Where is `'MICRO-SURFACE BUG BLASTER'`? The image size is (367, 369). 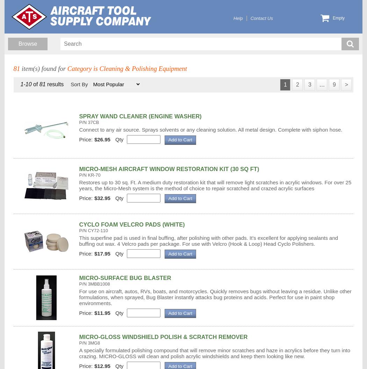
'MICRO-SURFACE BUG BLASTER' is located at coordinates (124, 277).